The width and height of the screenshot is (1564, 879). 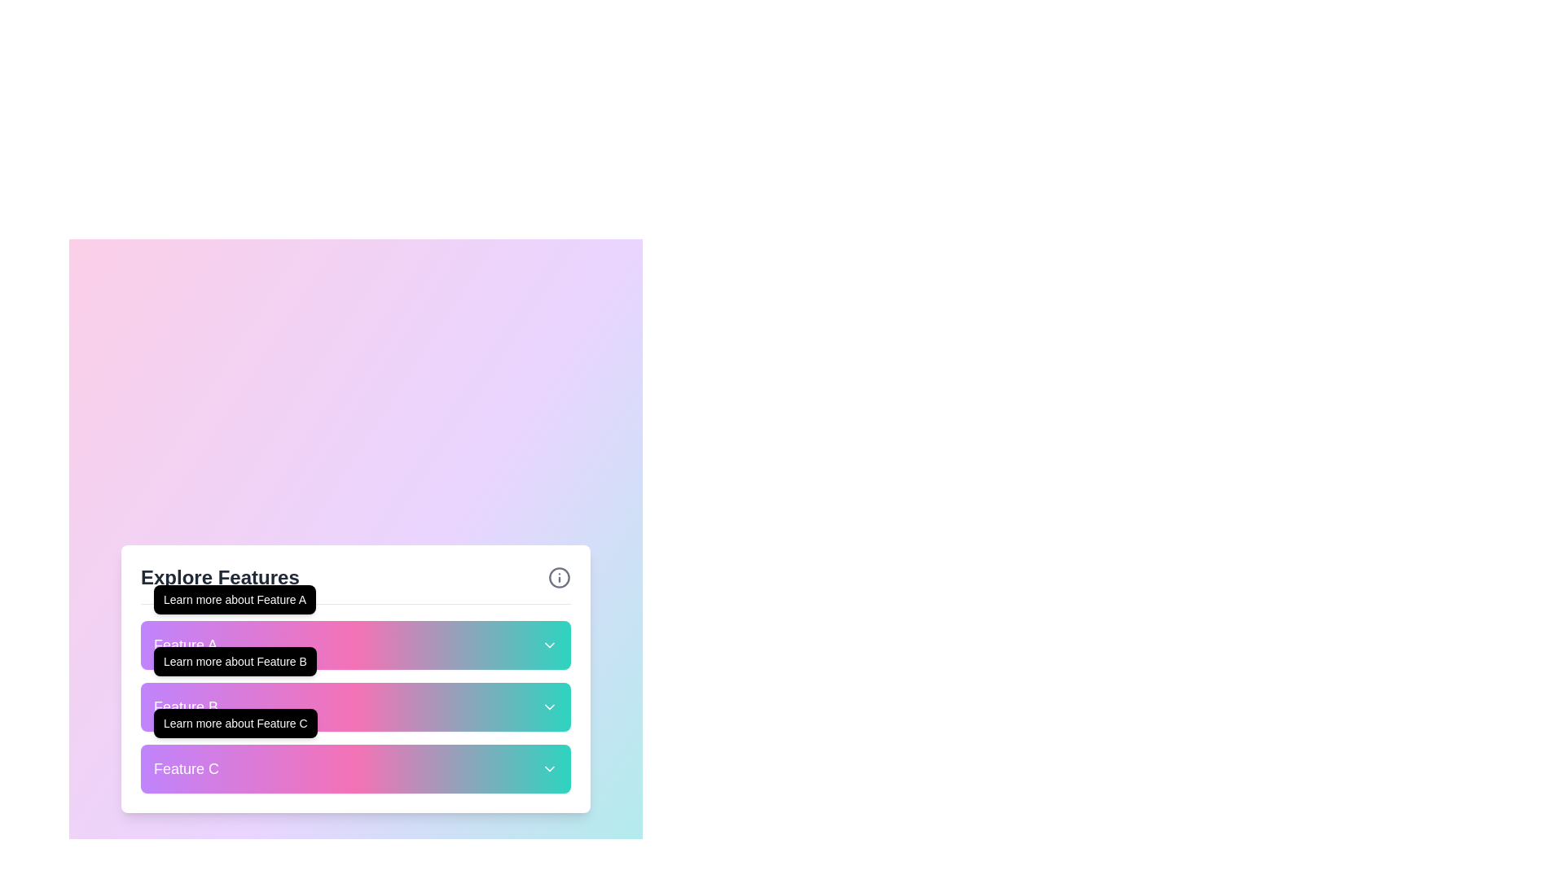 What do you see at coordinates (187, 768) in the screenshot?
I see `the Text label located in the top-left corner of the third card under the 'Explore Features' heading, indicating the feature it represents` at bounding box center [187, 768].